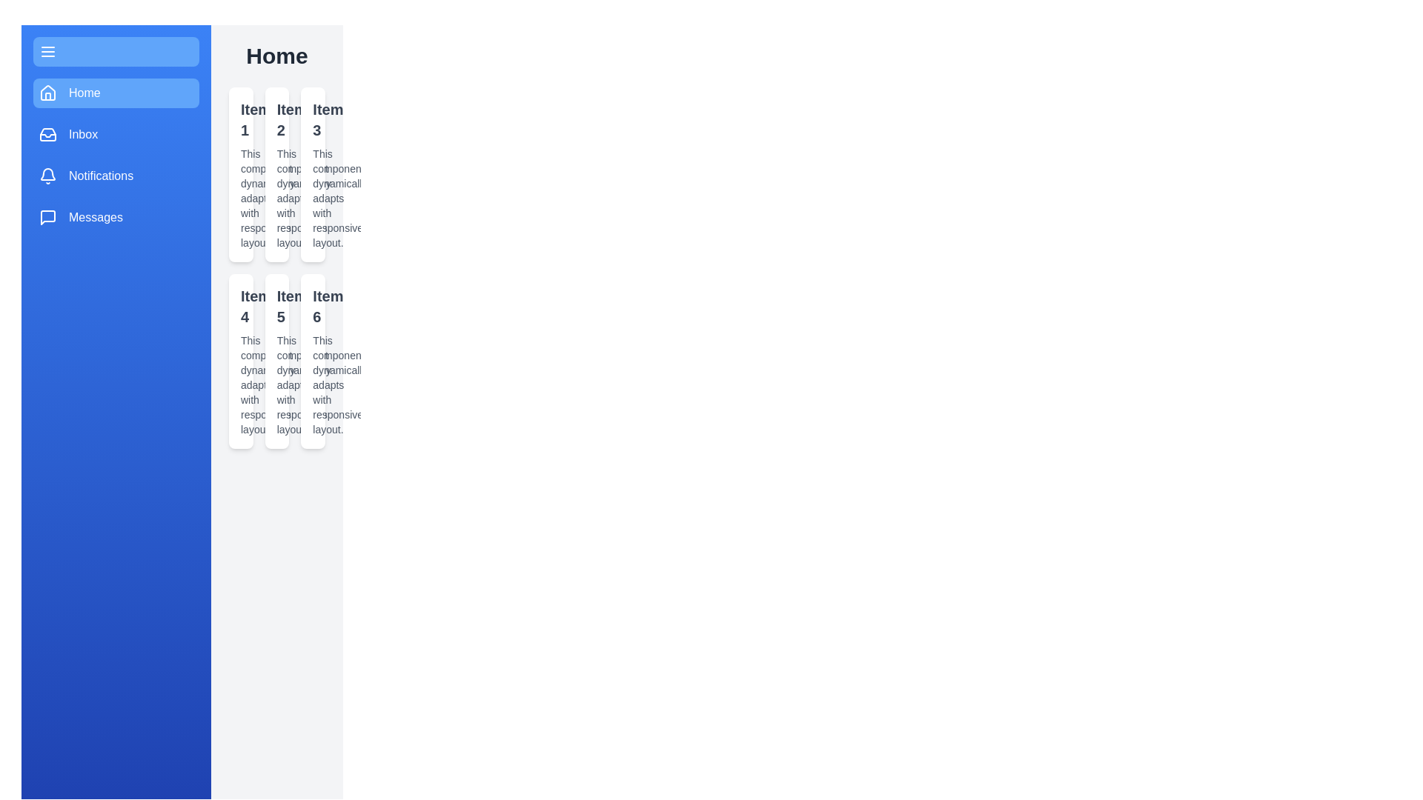 The width and height of the screenshot is (1423, 800). I want to click on the text block stating 'This component dynamically adapts with responsive layout.' located directly underneath the title 'Item 6', so click(312, 384).